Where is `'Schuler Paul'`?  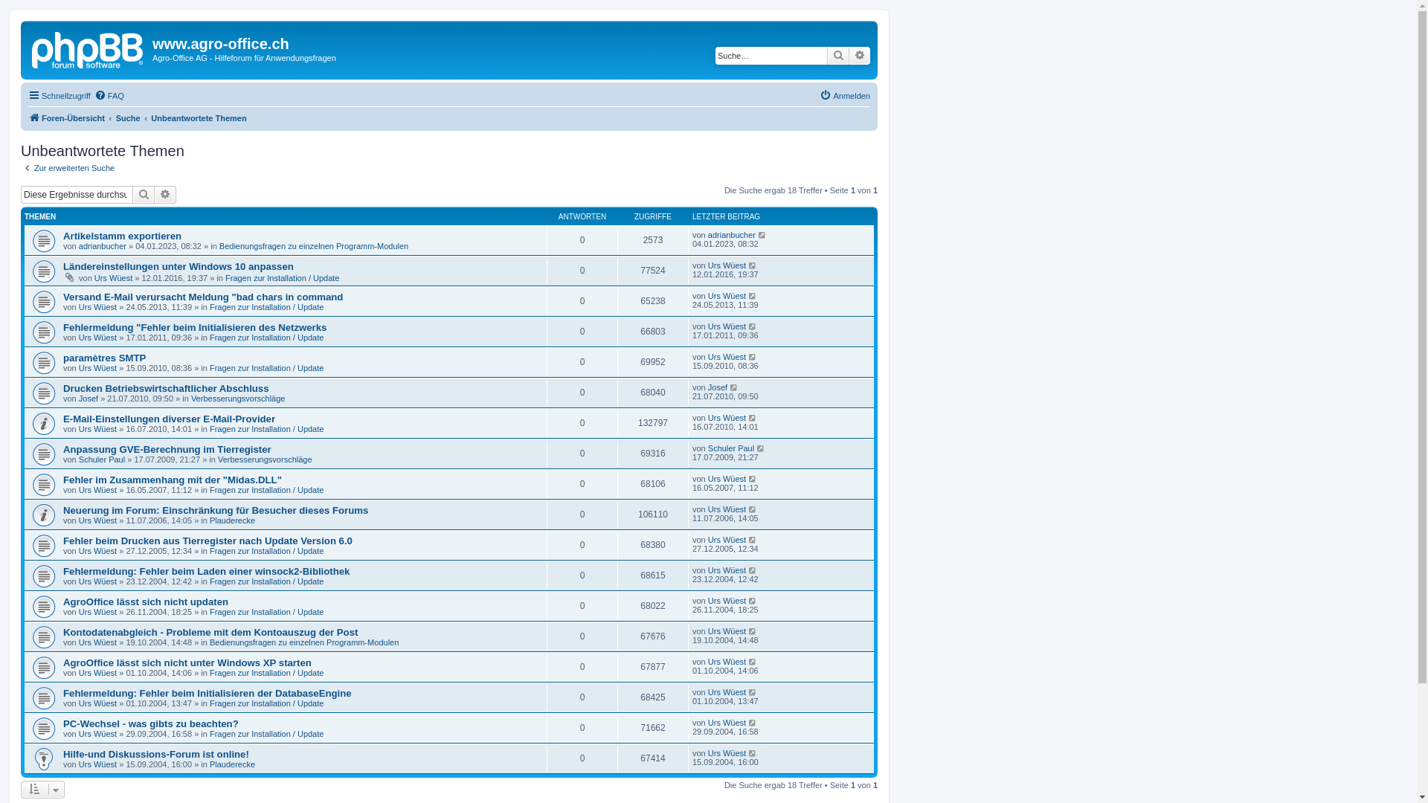 'Schuler Paul' is located at coordinates (731, 447).